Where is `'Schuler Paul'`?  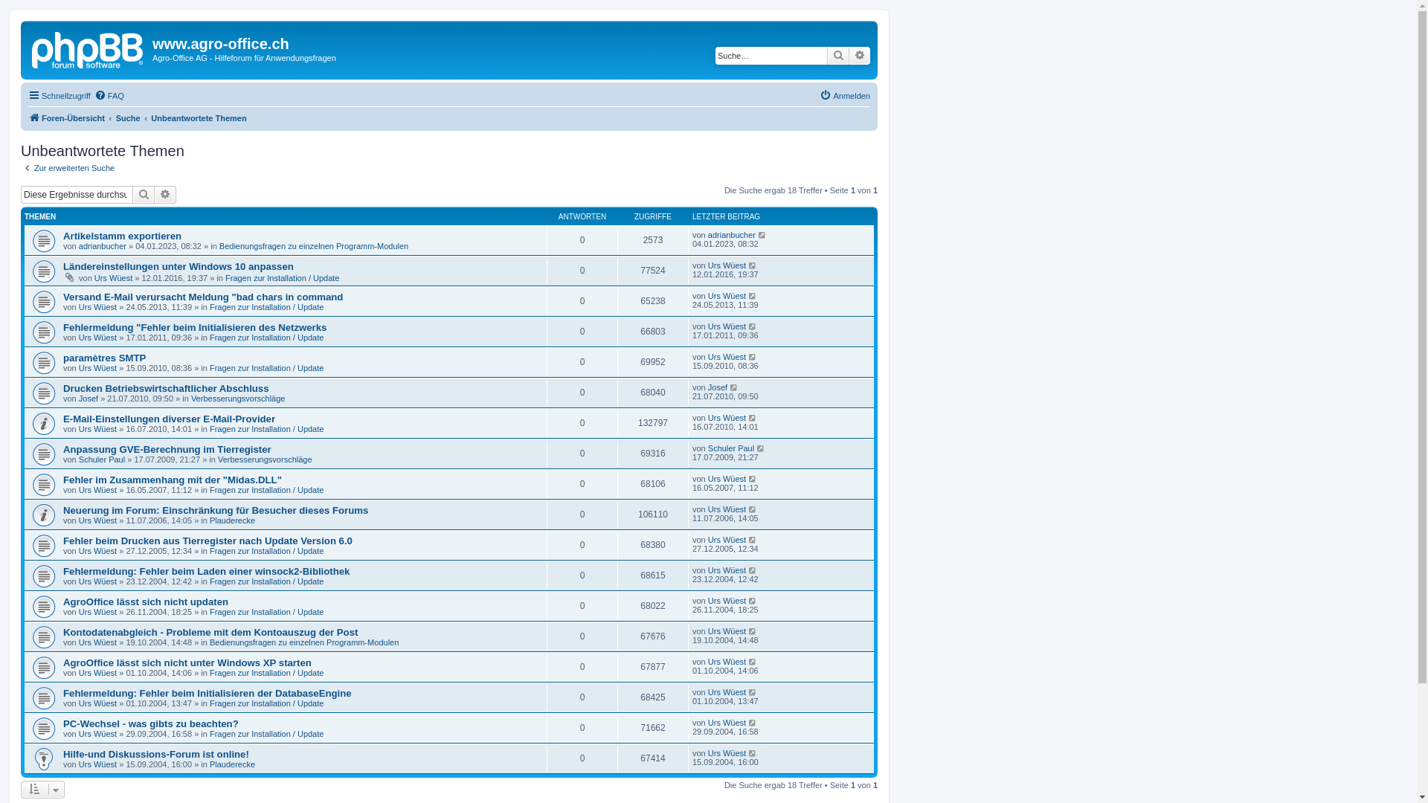 'Schuler Paul' is located at coordinates (731, 447).